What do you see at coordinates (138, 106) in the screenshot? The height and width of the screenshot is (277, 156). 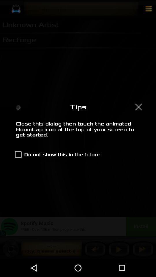 I see `icon above the close this dialog` at bounding box center [138, 106].